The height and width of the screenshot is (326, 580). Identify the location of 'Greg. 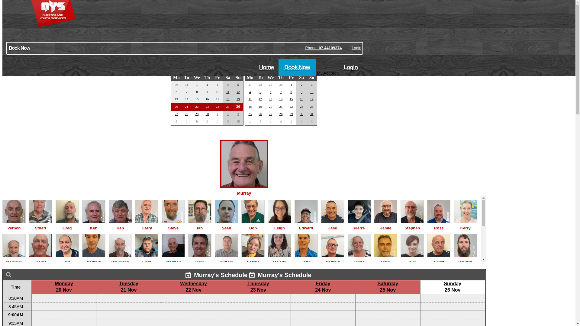
(67, 225).